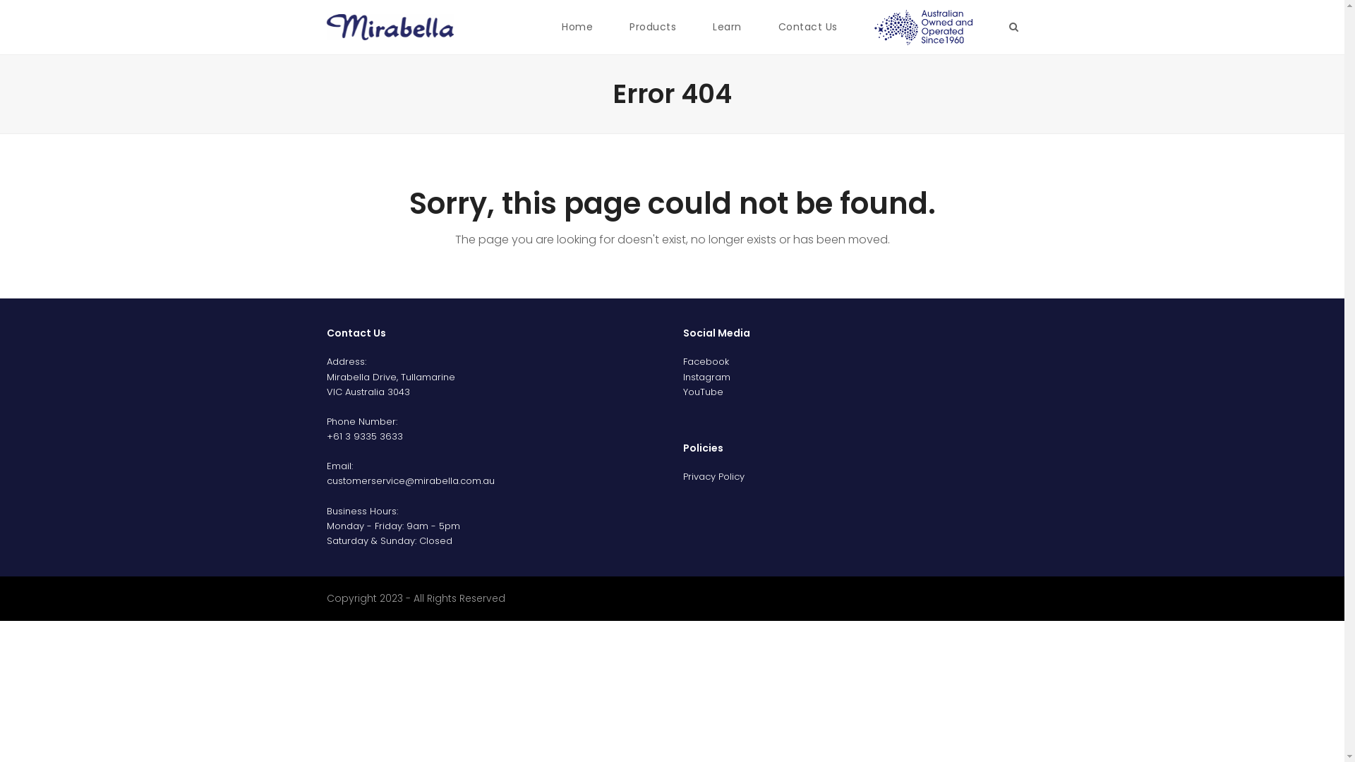 The width and height of the screenshot is (1355, 762). What do you see at coordinates (409, 480) in the screenshot?
I see `'customerservice@mirabella.com.au'` at bounding box center [409, 480].